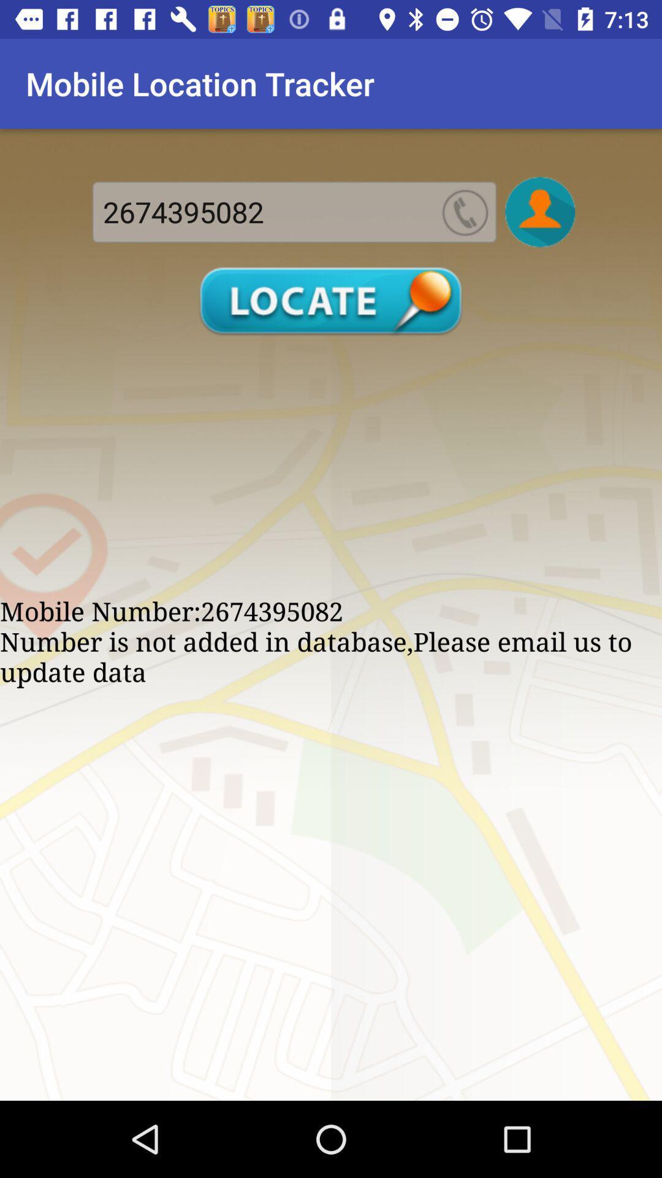  What do you see at coordinates (539, 212) in the screenshot?
I see `the avatar icon` at bounding box center [539, 212].